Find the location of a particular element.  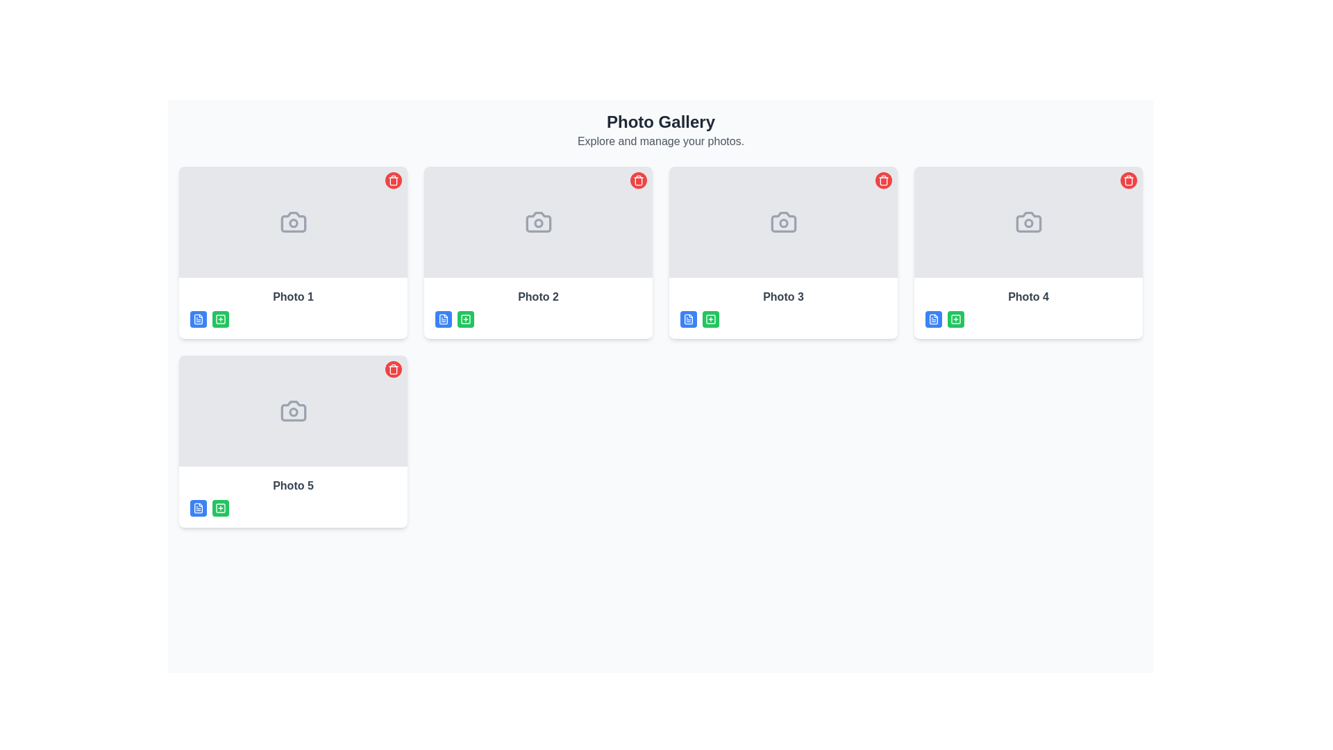

the image placeholder for 'Photo 1' located in the first row of the photo gallery grid is located at coordinates (292, 222).